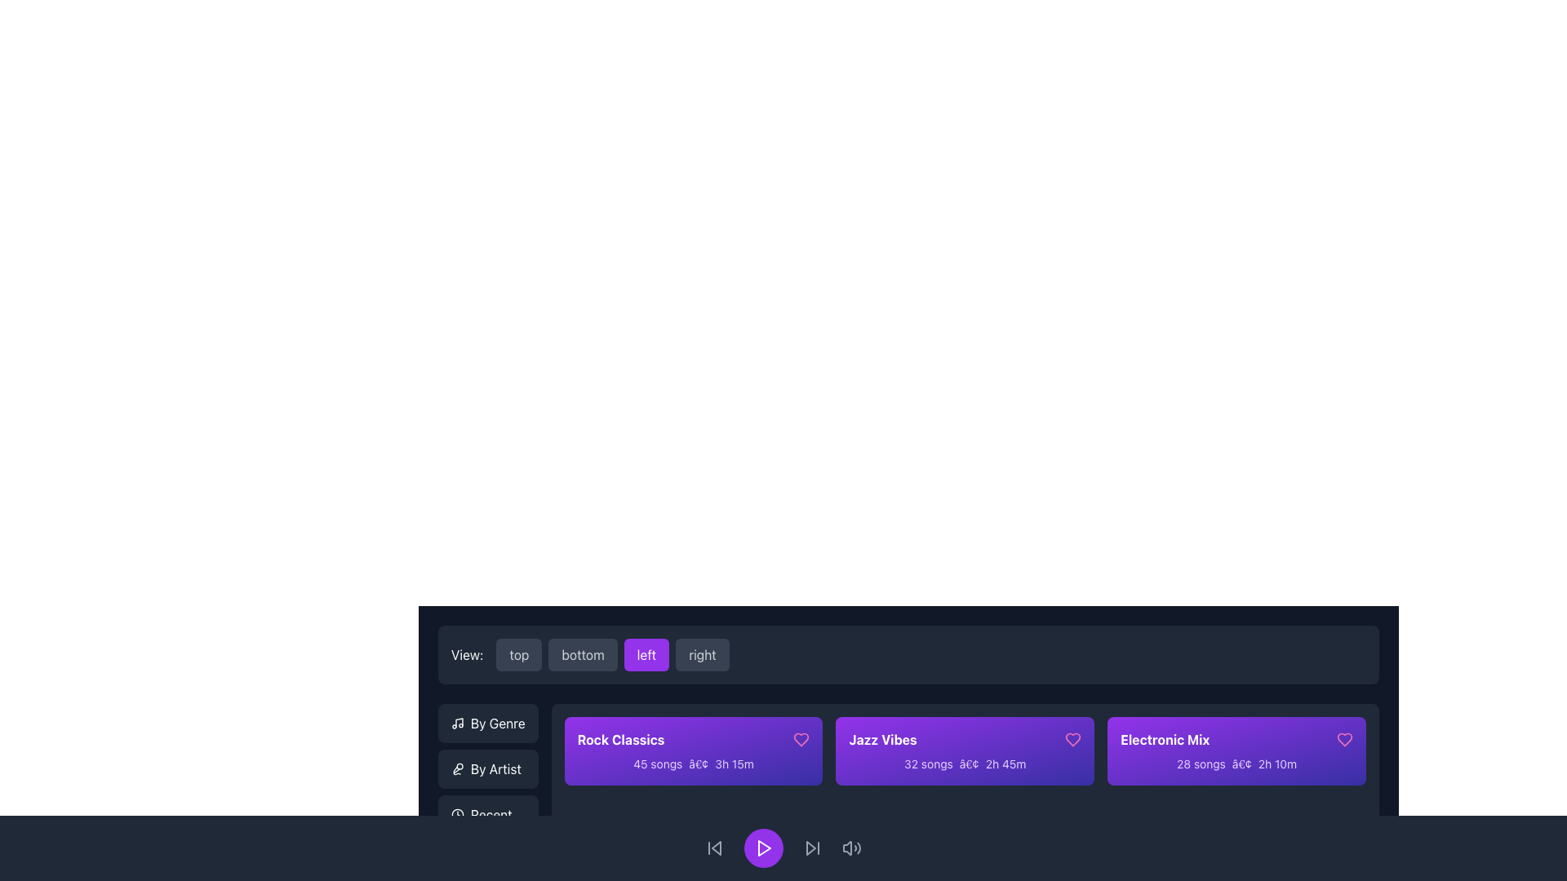 This screenshot has width=1567, height=881. I want to click on the static text label that provides metadata about the playlist, located in the bottom section of the 'Electronic Mix' card, which is the third card in a horizontally aligned set of playlist cards, so click(1236, 764).